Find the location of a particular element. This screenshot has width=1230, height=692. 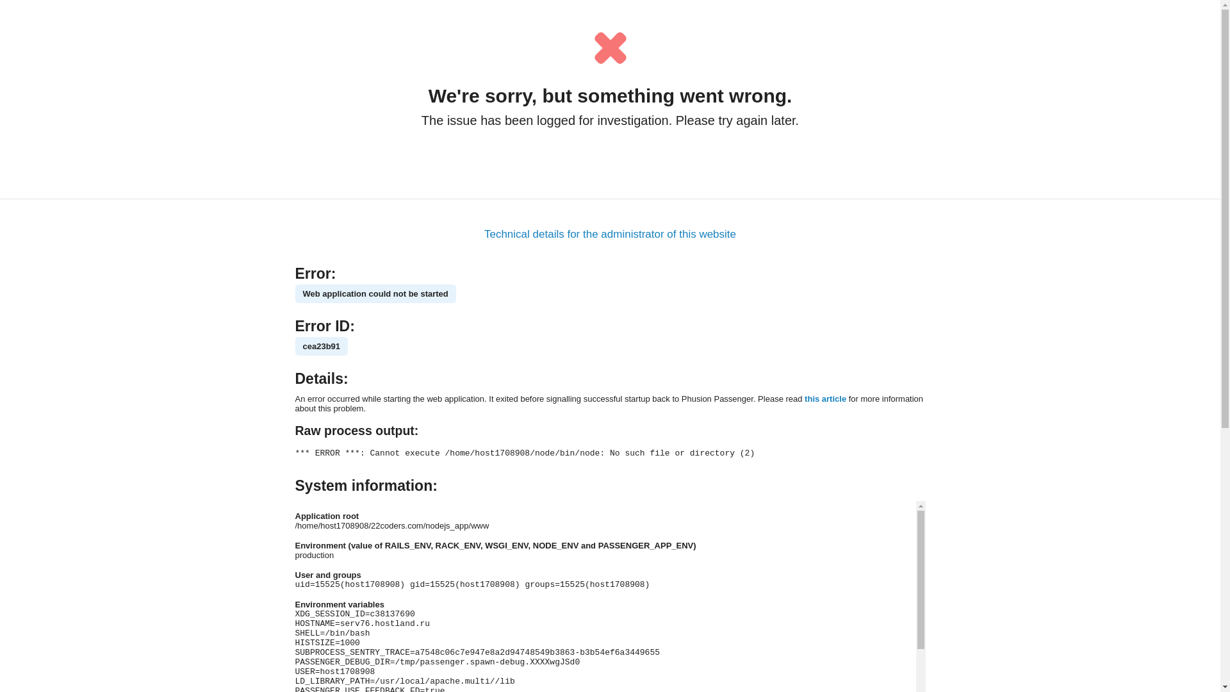

'Technical details for the administrator of this website' is located at coordinates (609, 234).